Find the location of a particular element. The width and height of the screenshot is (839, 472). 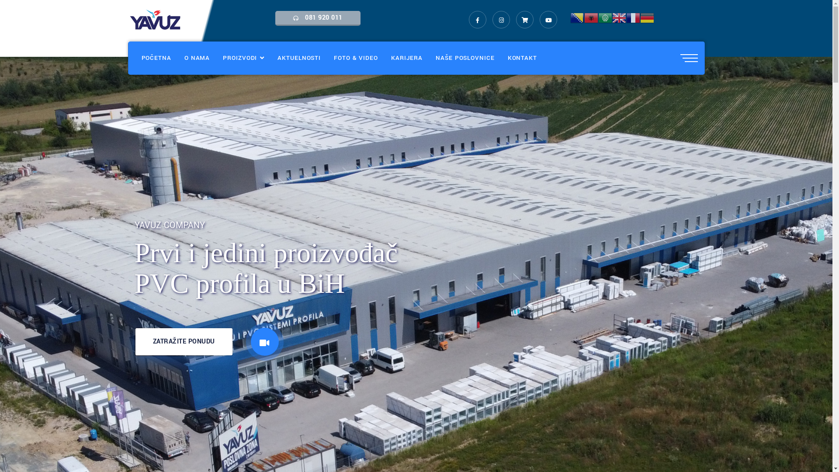

'KONTAKT' is located at coordinates (522, 58).